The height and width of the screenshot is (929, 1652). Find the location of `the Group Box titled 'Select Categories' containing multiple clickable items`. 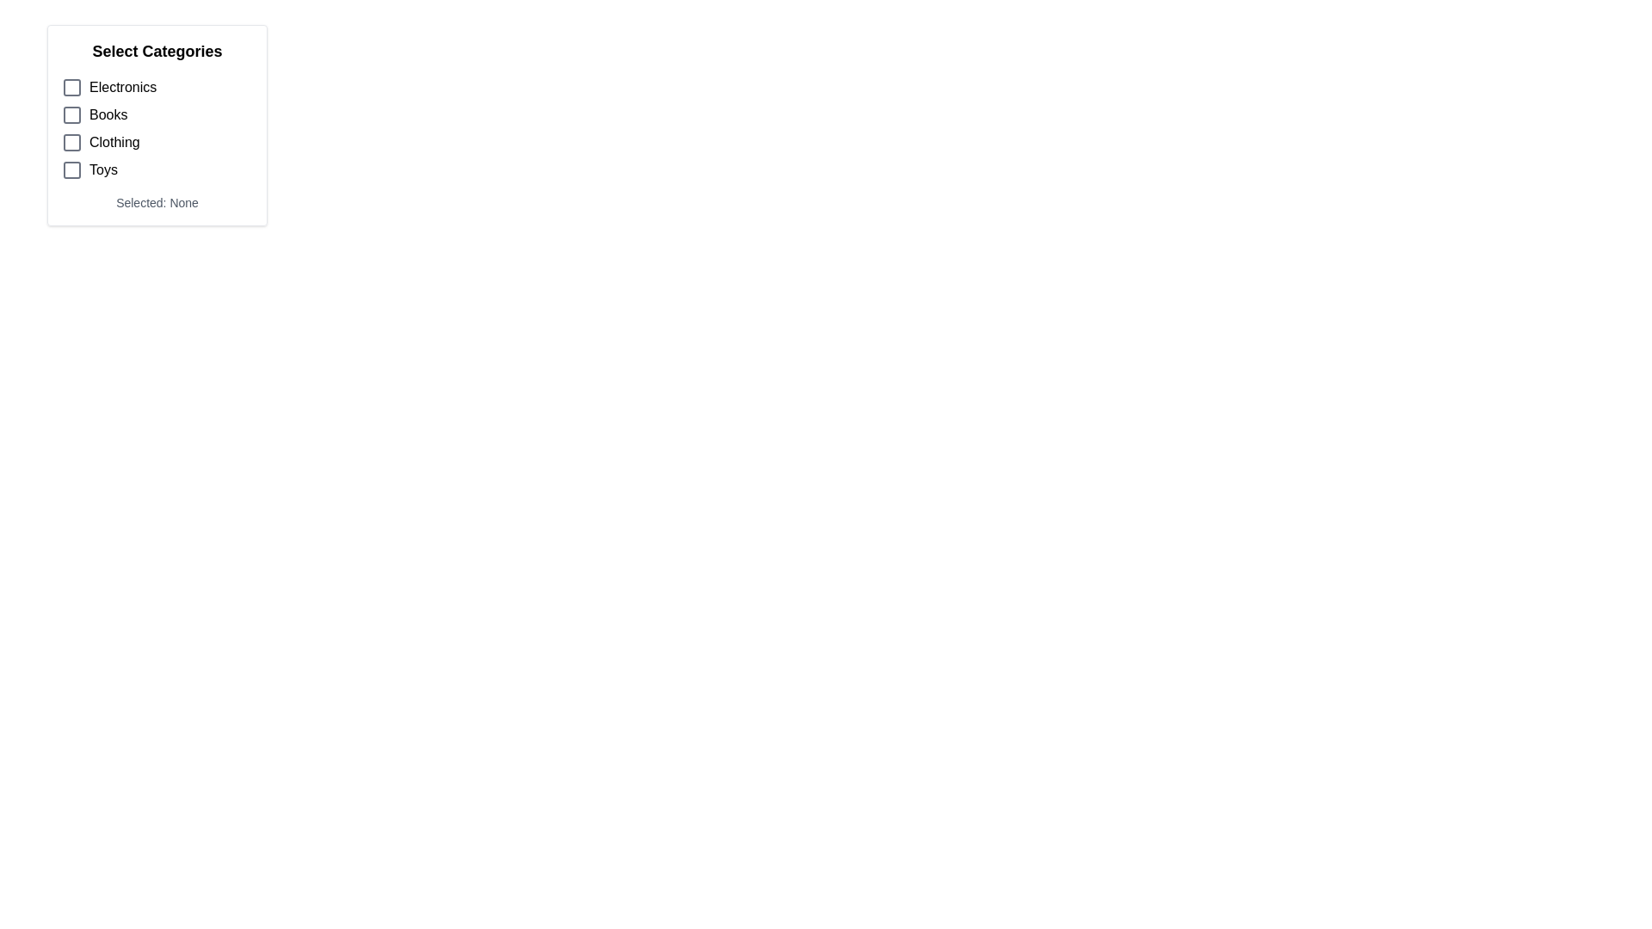

the Group Box titled 'Select Categories' containing multiple clickable items is located at coordinates (157, 125).